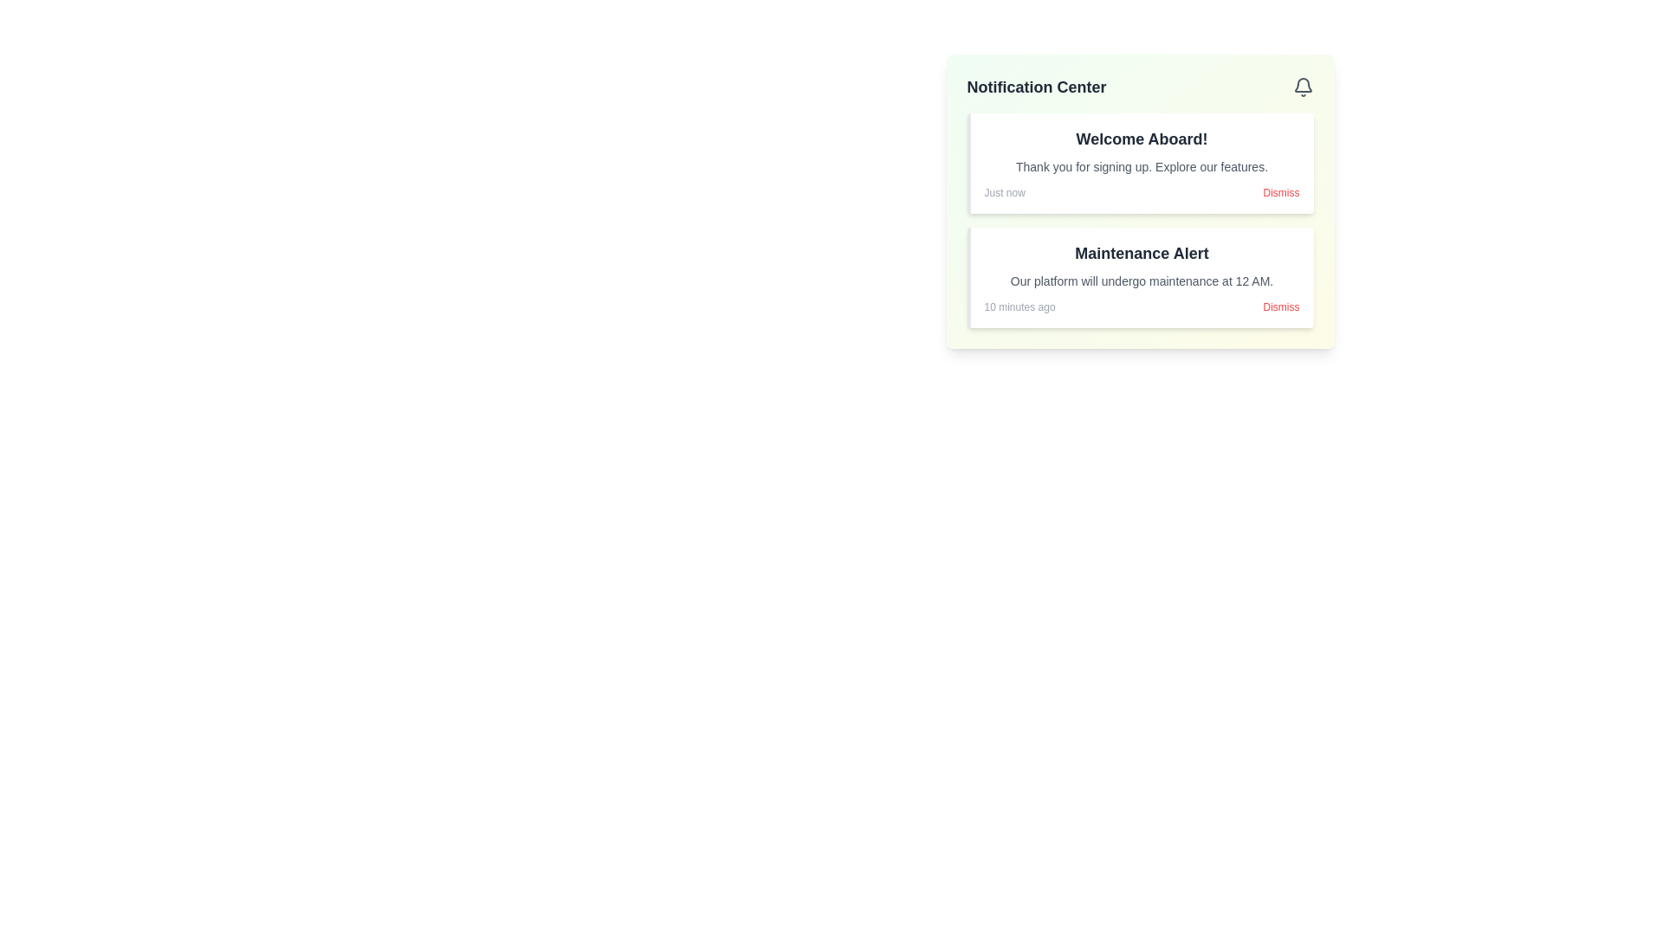 The width and height of the screenshot is (1663, 935). Describe the element at coordinates (1142, 254) in the screenshot. I see `the 'Maintenance Alert' static text label, which is a bold, large, dark gray text located in the bottom-middle portion of the notification area` at that location.